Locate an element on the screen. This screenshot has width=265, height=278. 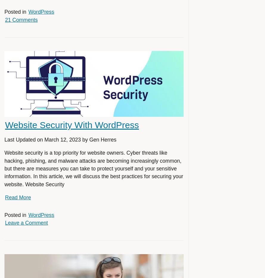
'March 12, 2023' is located at coordinates (62, 140).